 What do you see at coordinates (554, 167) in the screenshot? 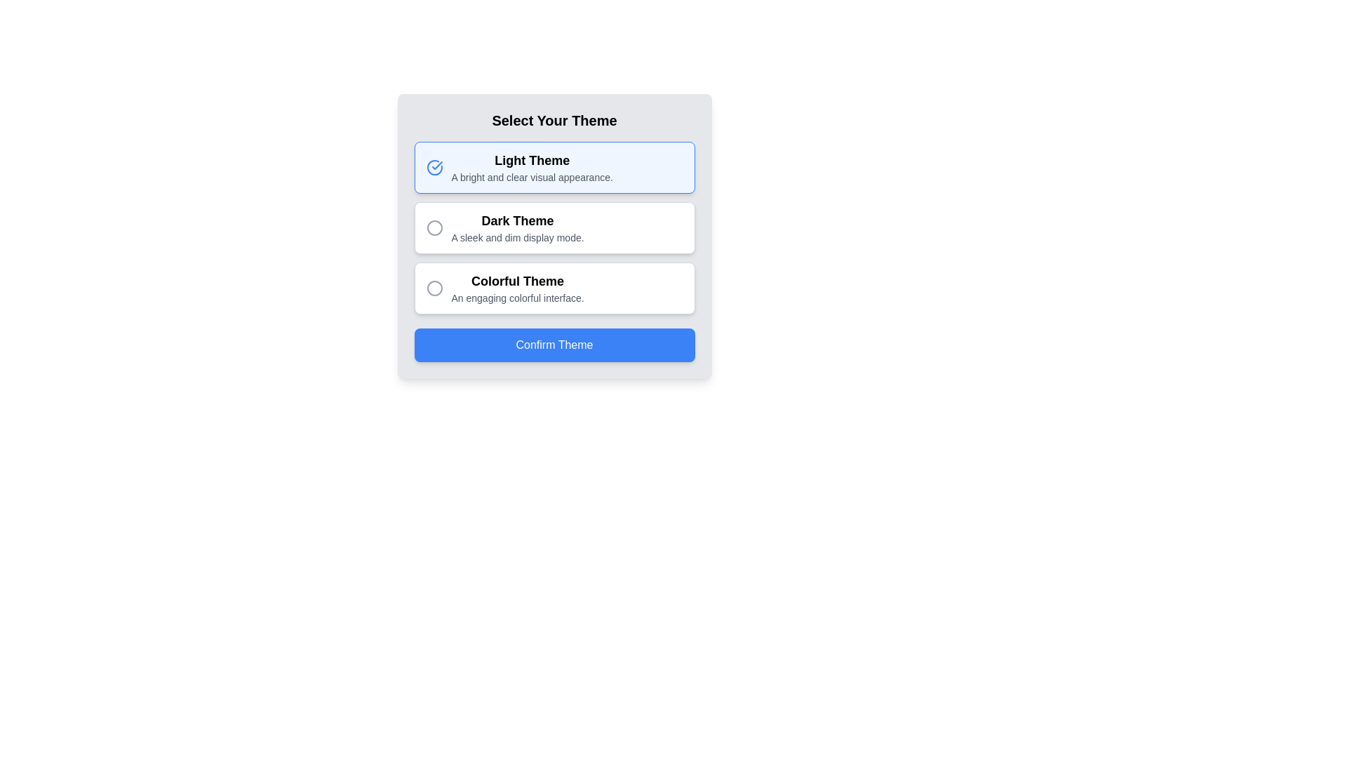
I see `the first radio button styled interactive list item labeled 'Light Theme', which has a light blue background and a checkmark icon` at bounding box center [554, 167].